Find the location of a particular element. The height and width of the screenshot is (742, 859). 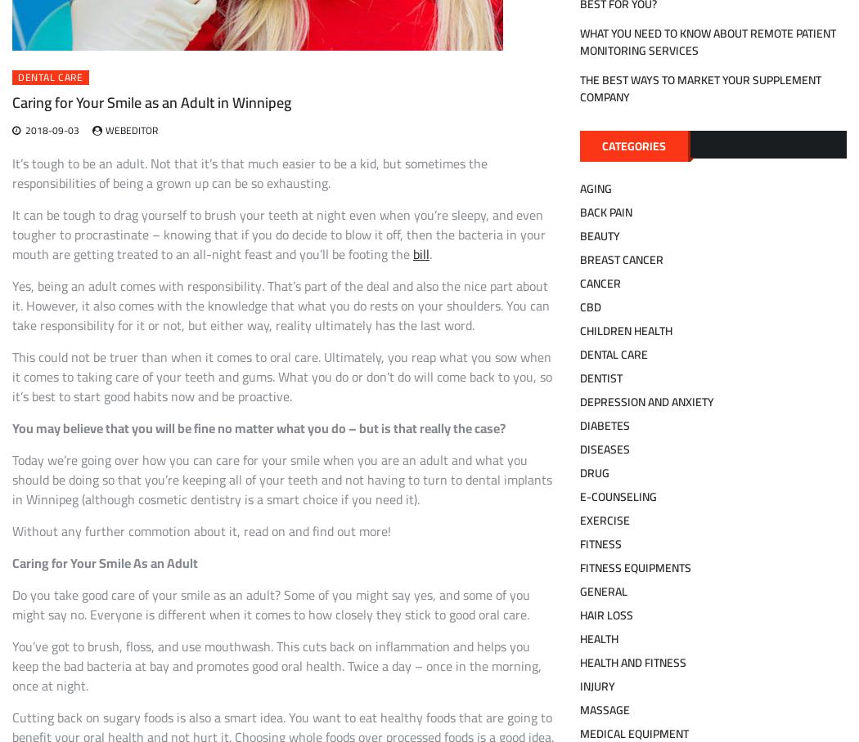

'You’ve got to brush, floss, and use mouthwash. This cuts back on inflammation and helps you keep the bad bacteria at bay and promotes good oral health. Twice a day – once in the morning, once at night.' is located at coordinates (277, 666).